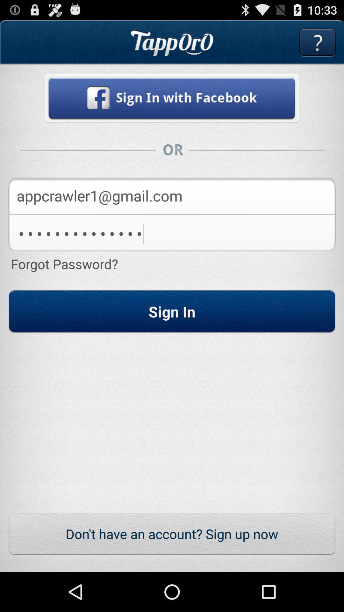  Describe the element at coordinates (172, 98) in the screenshot. I see `your own account in the website` at that location.